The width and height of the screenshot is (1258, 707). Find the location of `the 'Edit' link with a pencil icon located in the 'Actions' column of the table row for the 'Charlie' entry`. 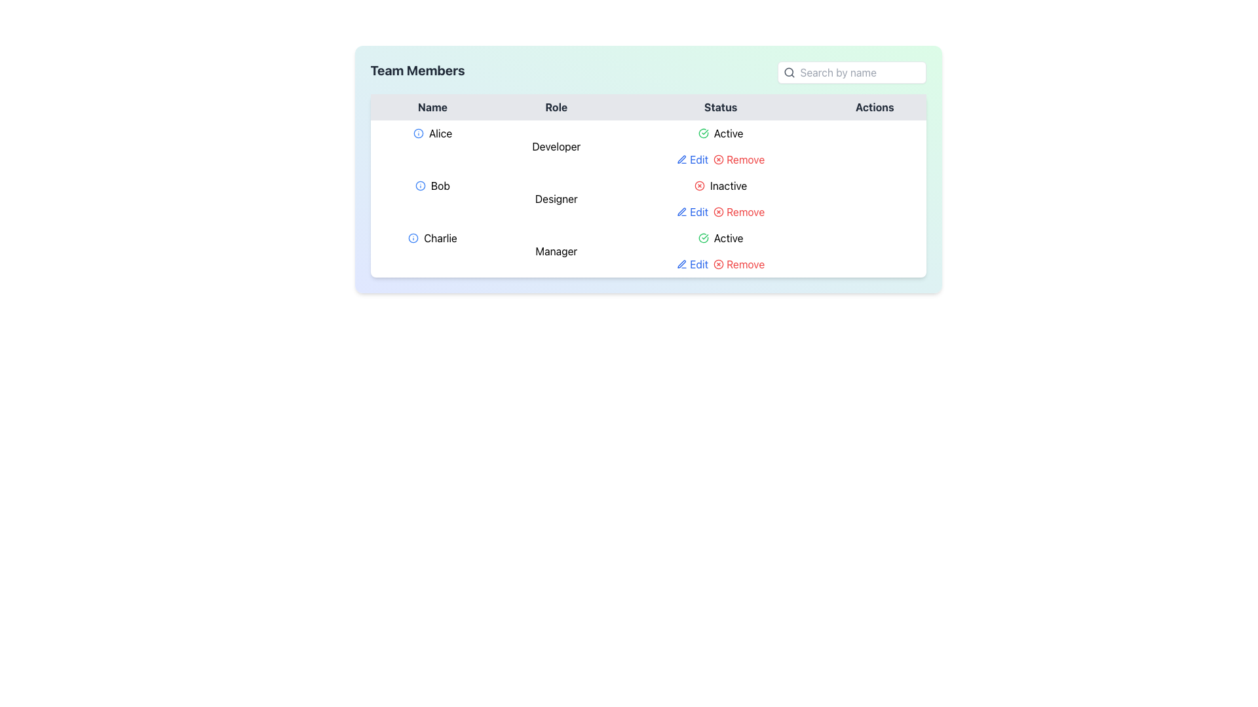

the 'Edit' link with a pencil icon located in the 'Actions' column of the table row for the 'Charlie' entry is located at coordinates (692, 264).